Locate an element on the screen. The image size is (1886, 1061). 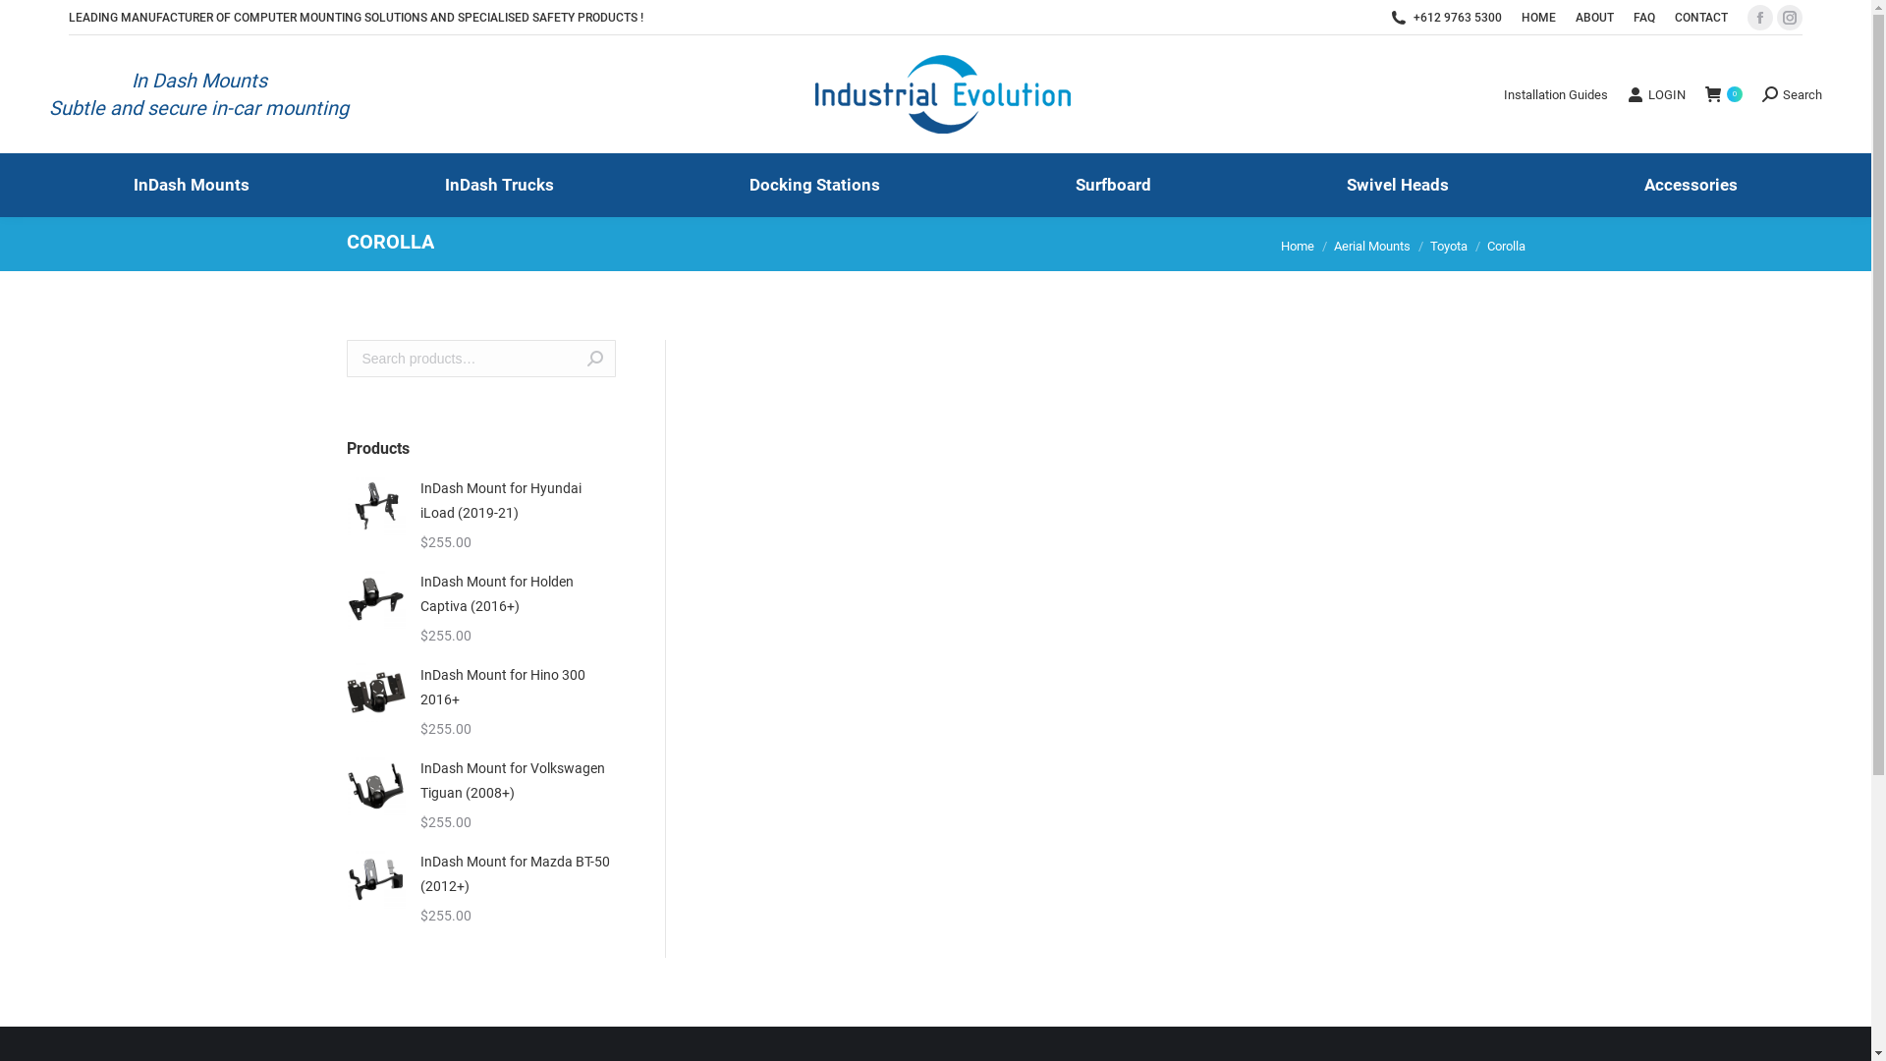
'InDash Mount for Hino 300 2016+' is located at coordinates (518, 686).